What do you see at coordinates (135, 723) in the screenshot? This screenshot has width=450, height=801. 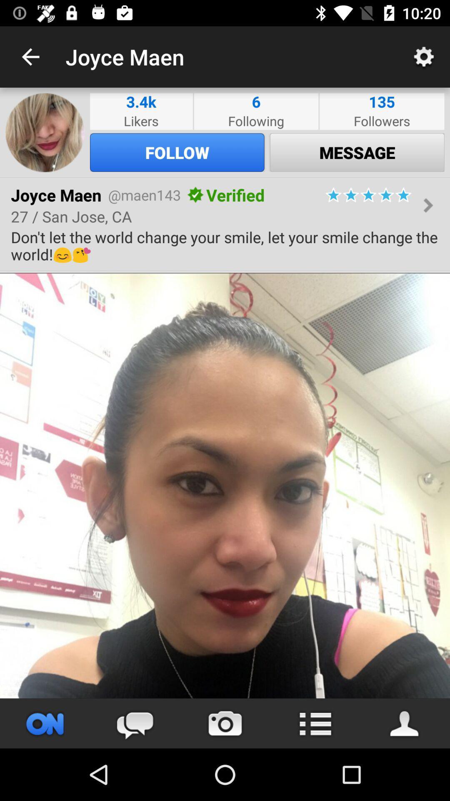 I see `the chat icon` at bounding box center [135, 723].